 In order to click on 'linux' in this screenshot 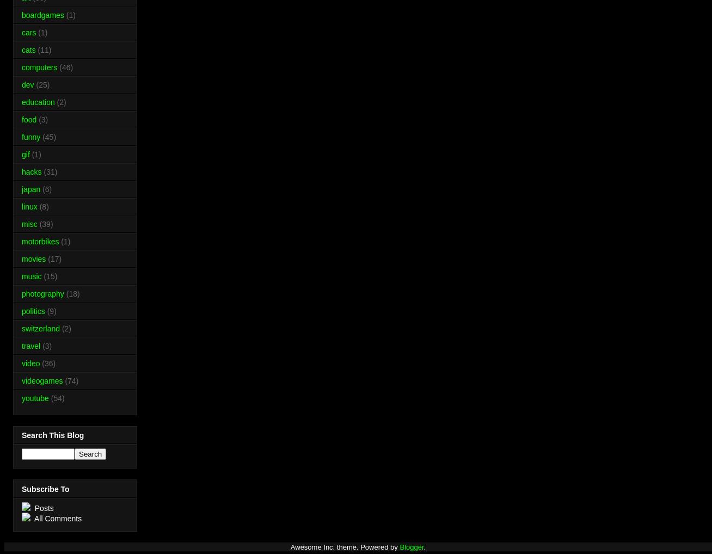, I will do `click(29, 206)`.